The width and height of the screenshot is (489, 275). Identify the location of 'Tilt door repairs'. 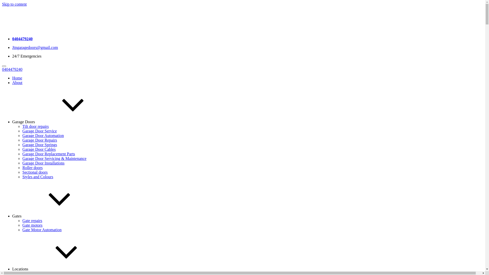
(35, 126).